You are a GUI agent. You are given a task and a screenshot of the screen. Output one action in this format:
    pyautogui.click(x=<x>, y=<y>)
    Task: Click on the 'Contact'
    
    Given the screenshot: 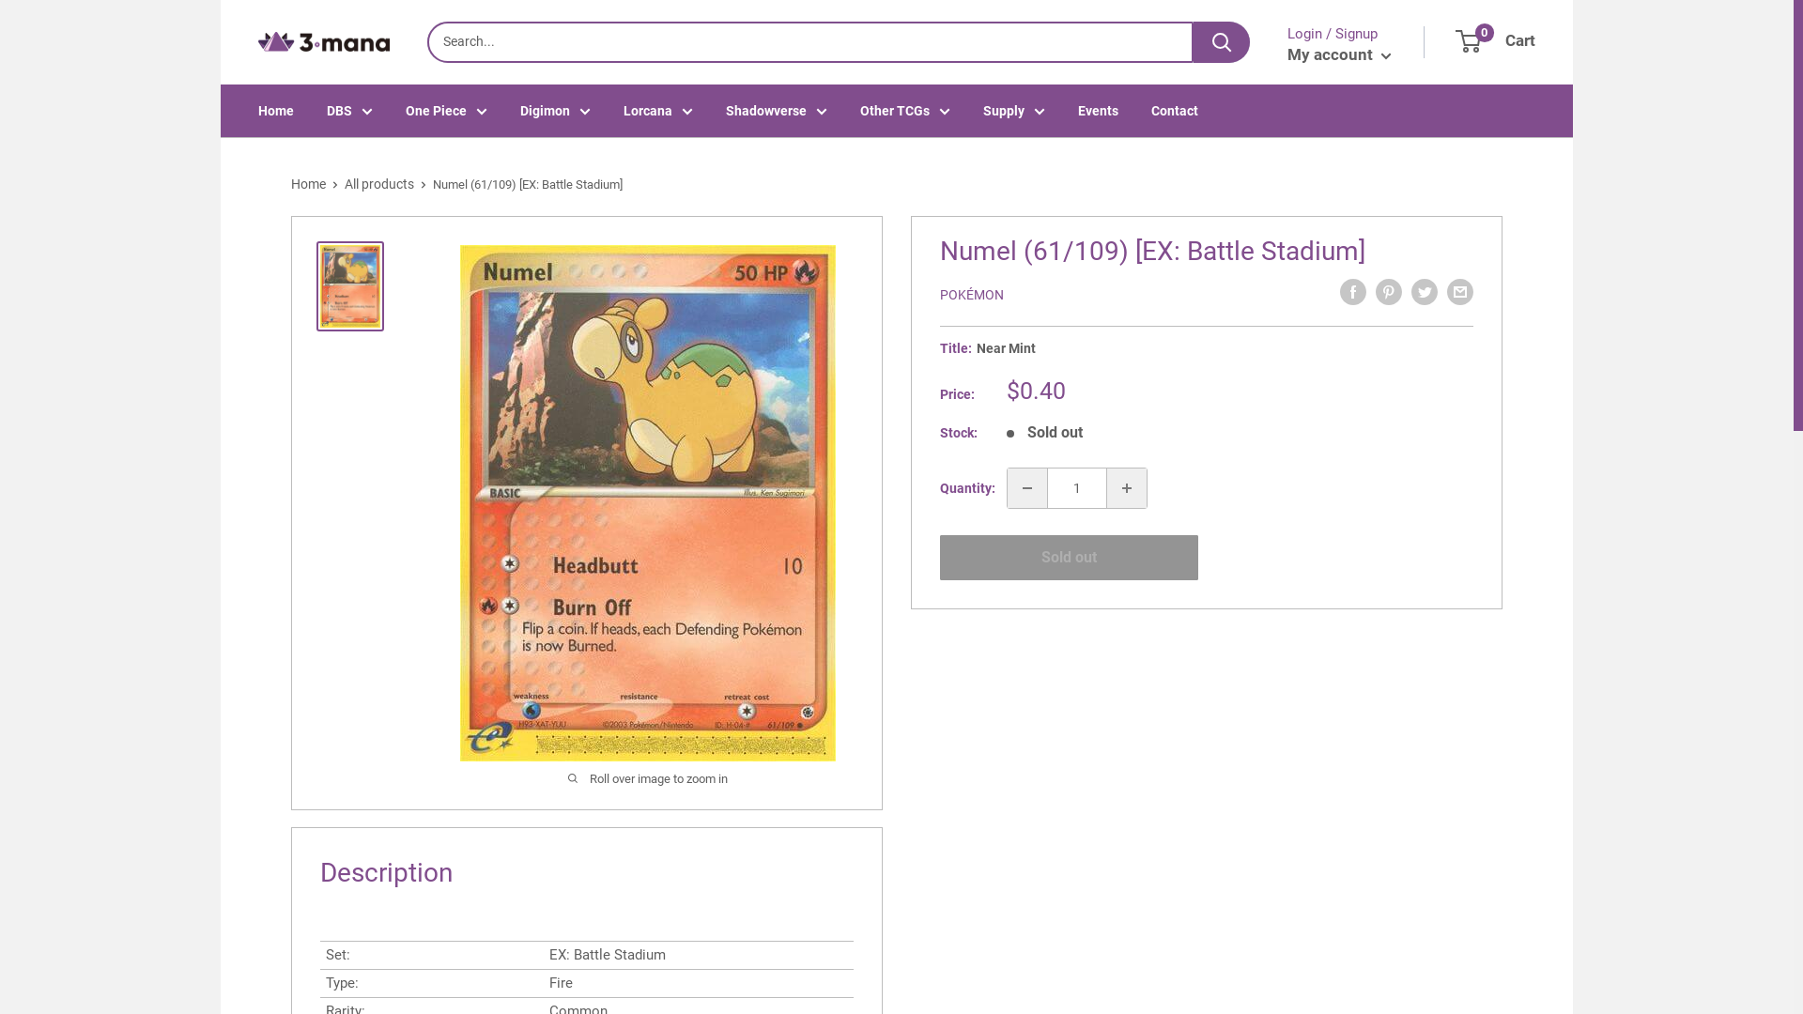 What is the action you would take?
    pyautogui.click(x=1149, y=111)
    